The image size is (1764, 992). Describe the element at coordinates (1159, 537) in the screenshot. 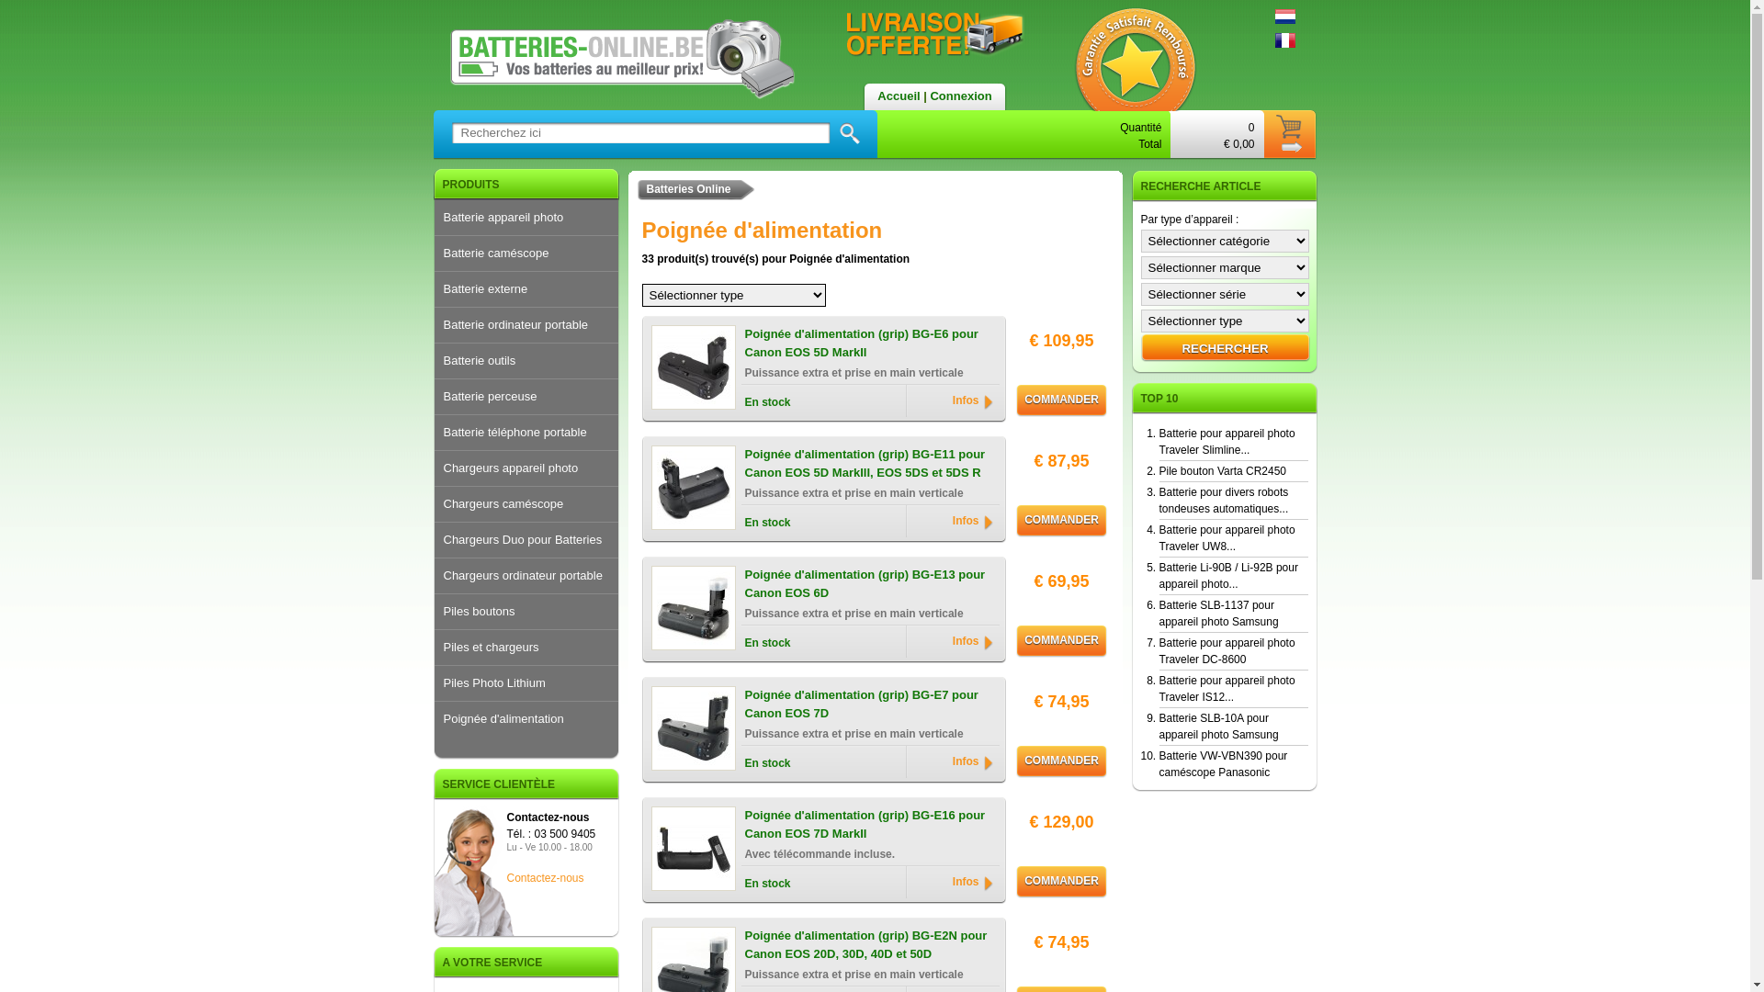

I see `'Batterie pour appareil photo Traveler UW8...'` at that location.